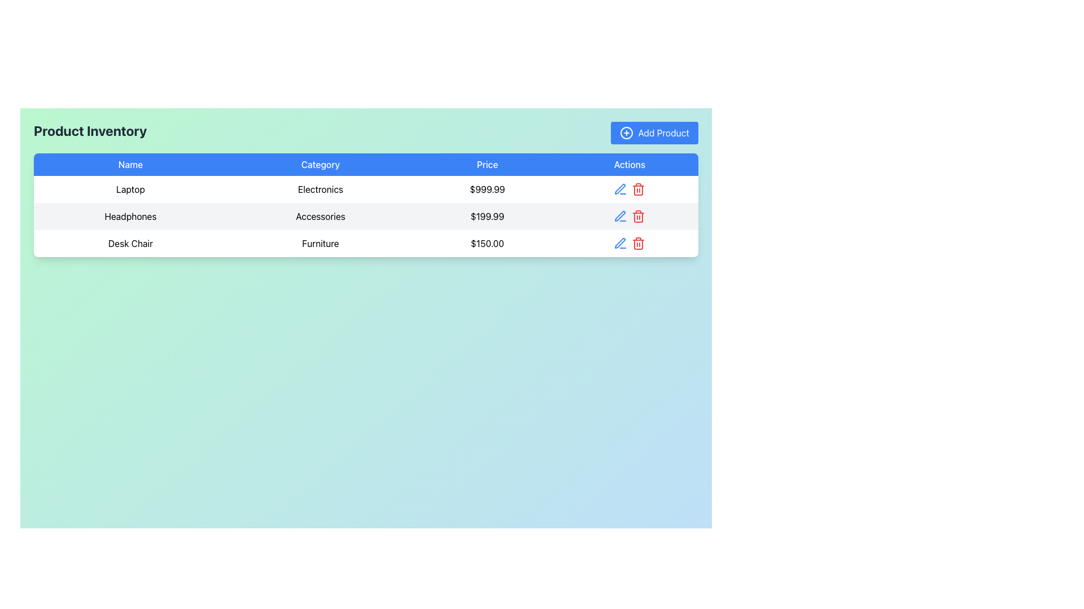 Image resolution: width=1084 pixels, height=609 pixels. What do you see at coordinates (629, 243) in the screenshot?
I see `the interactive icons in the 'Actions' column of the last data row in the table` at bounding box center [629, 243].